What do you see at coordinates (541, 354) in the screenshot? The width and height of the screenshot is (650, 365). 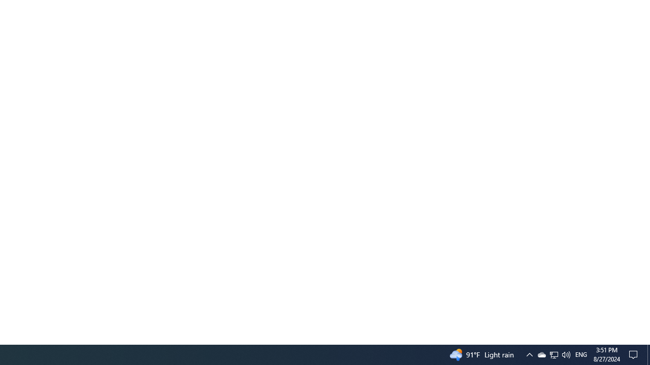 I see `'Q2790: 100%'` at bounding box center [541, 354].